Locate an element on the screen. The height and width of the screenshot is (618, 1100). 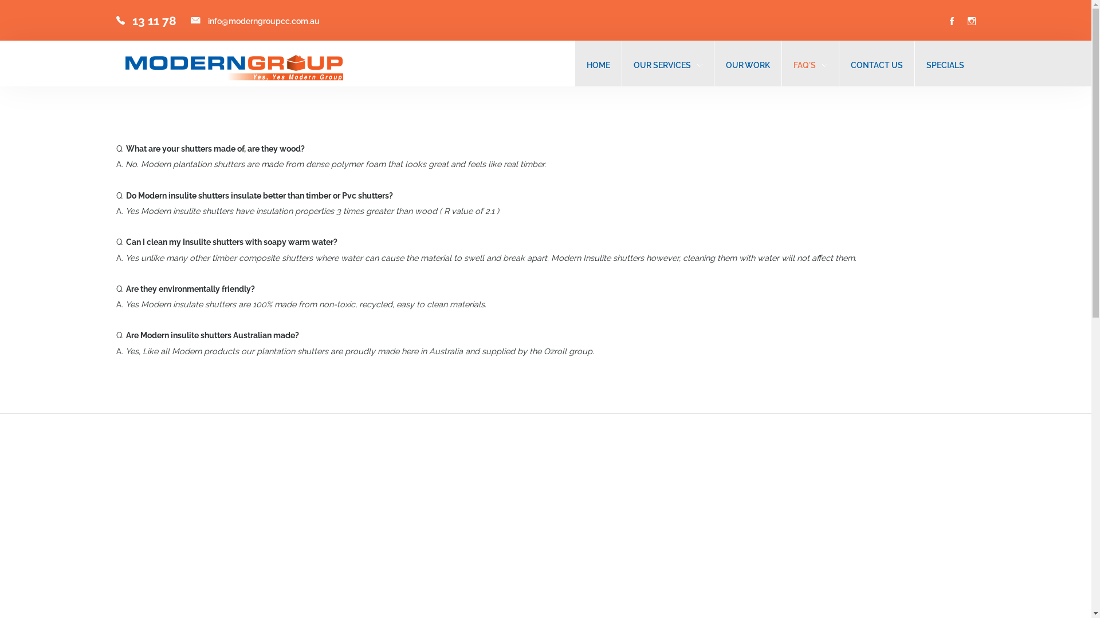
'SPECIALS' is located at coordinates (945, 65).